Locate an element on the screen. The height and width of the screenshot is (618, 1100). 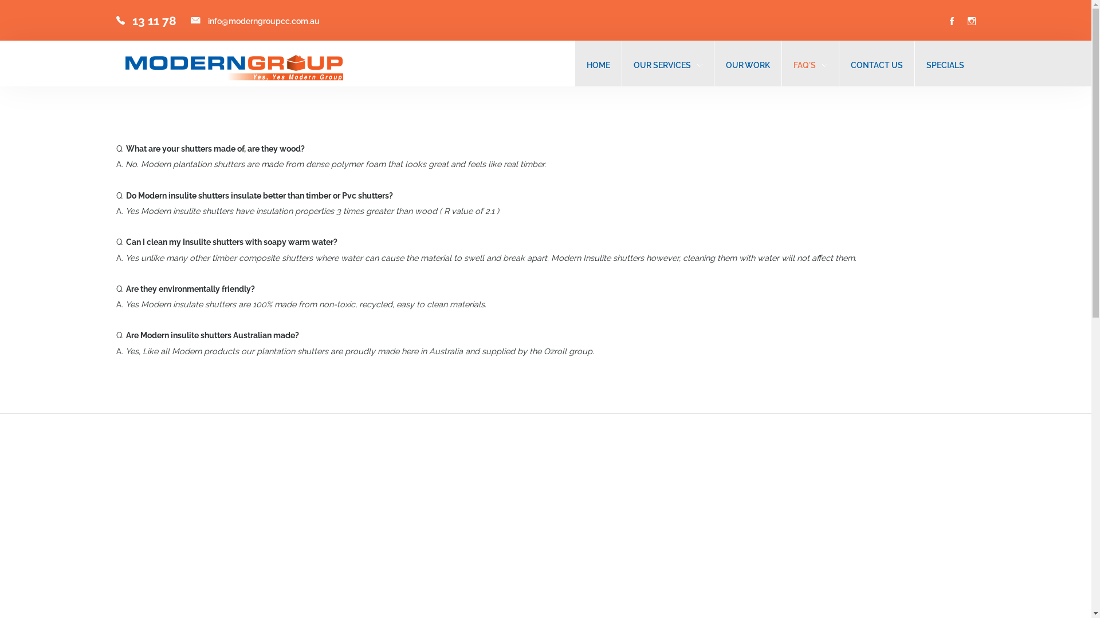
'SPECIALS' is located at coordinates (945, 65).